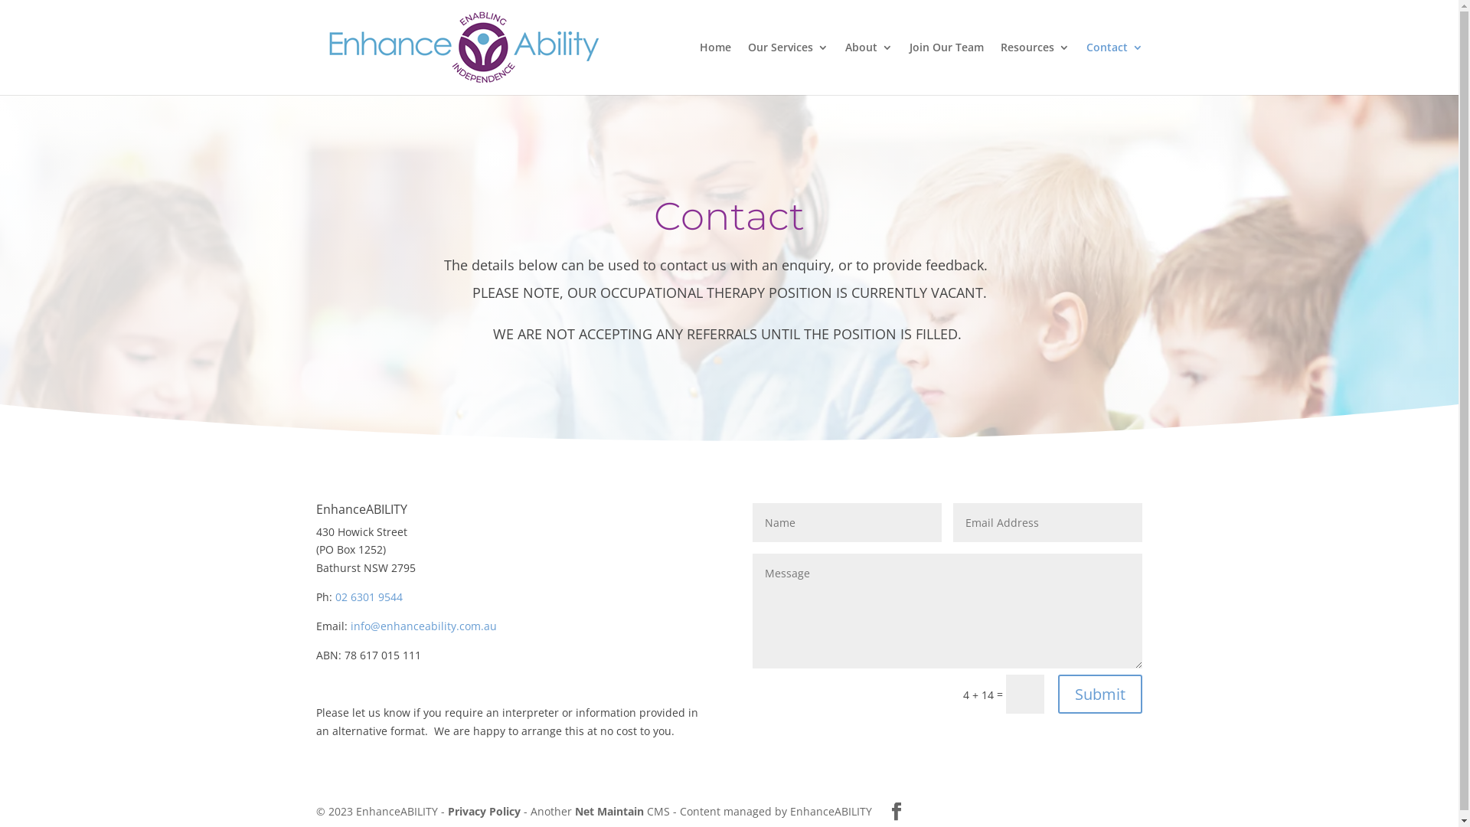 This screenshot has height=827, width=1470. What do you see at coordinates (349, 626) in the screenshot?
I see `'info@enhanceability.com.au'` at bounding box center [349, 626].